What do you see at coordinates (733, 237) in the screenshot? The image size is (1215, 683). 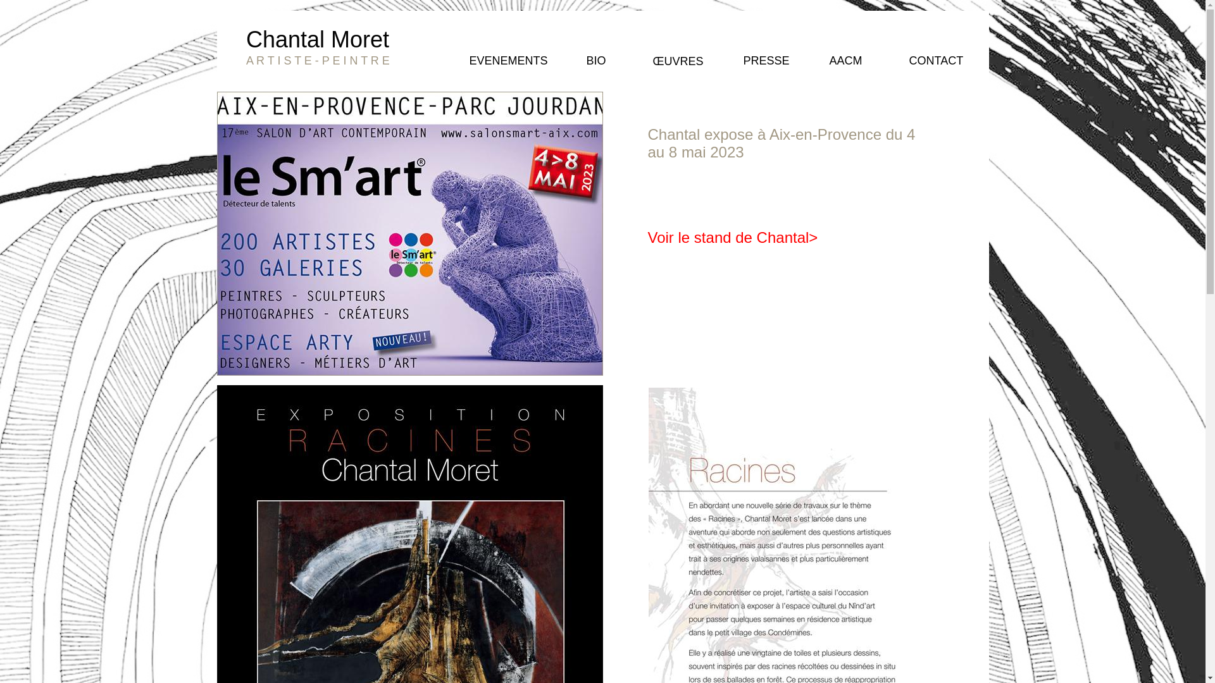 I see `'Voir le stand de Chantal>'` at bounding box center [733, 237].